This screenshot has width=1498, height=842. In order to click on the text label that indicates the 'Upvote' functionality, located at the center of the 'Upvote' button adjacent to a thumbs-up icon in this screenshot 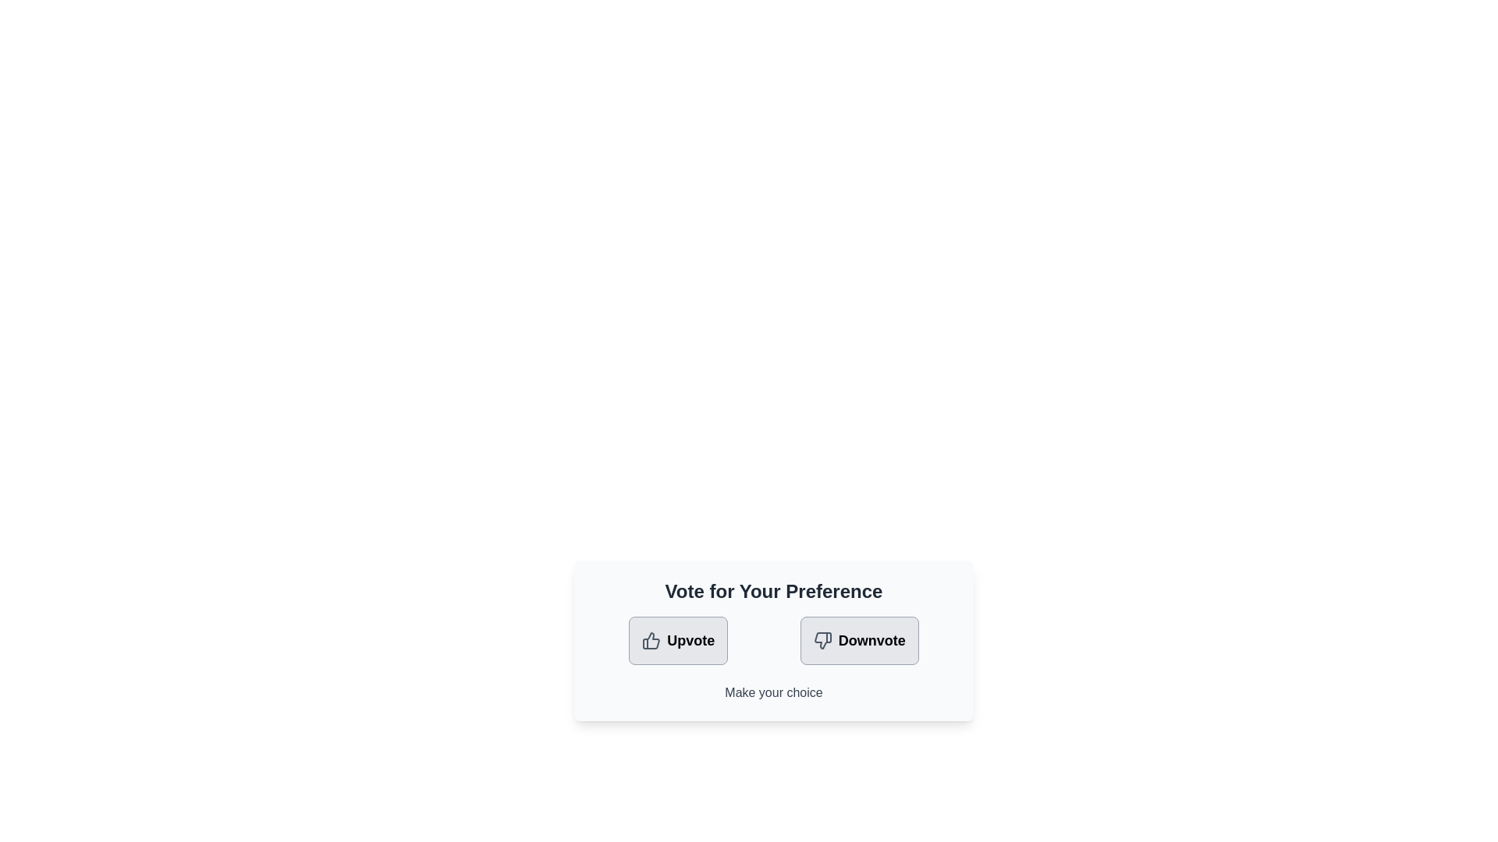, I will do `click(690, 640)`.